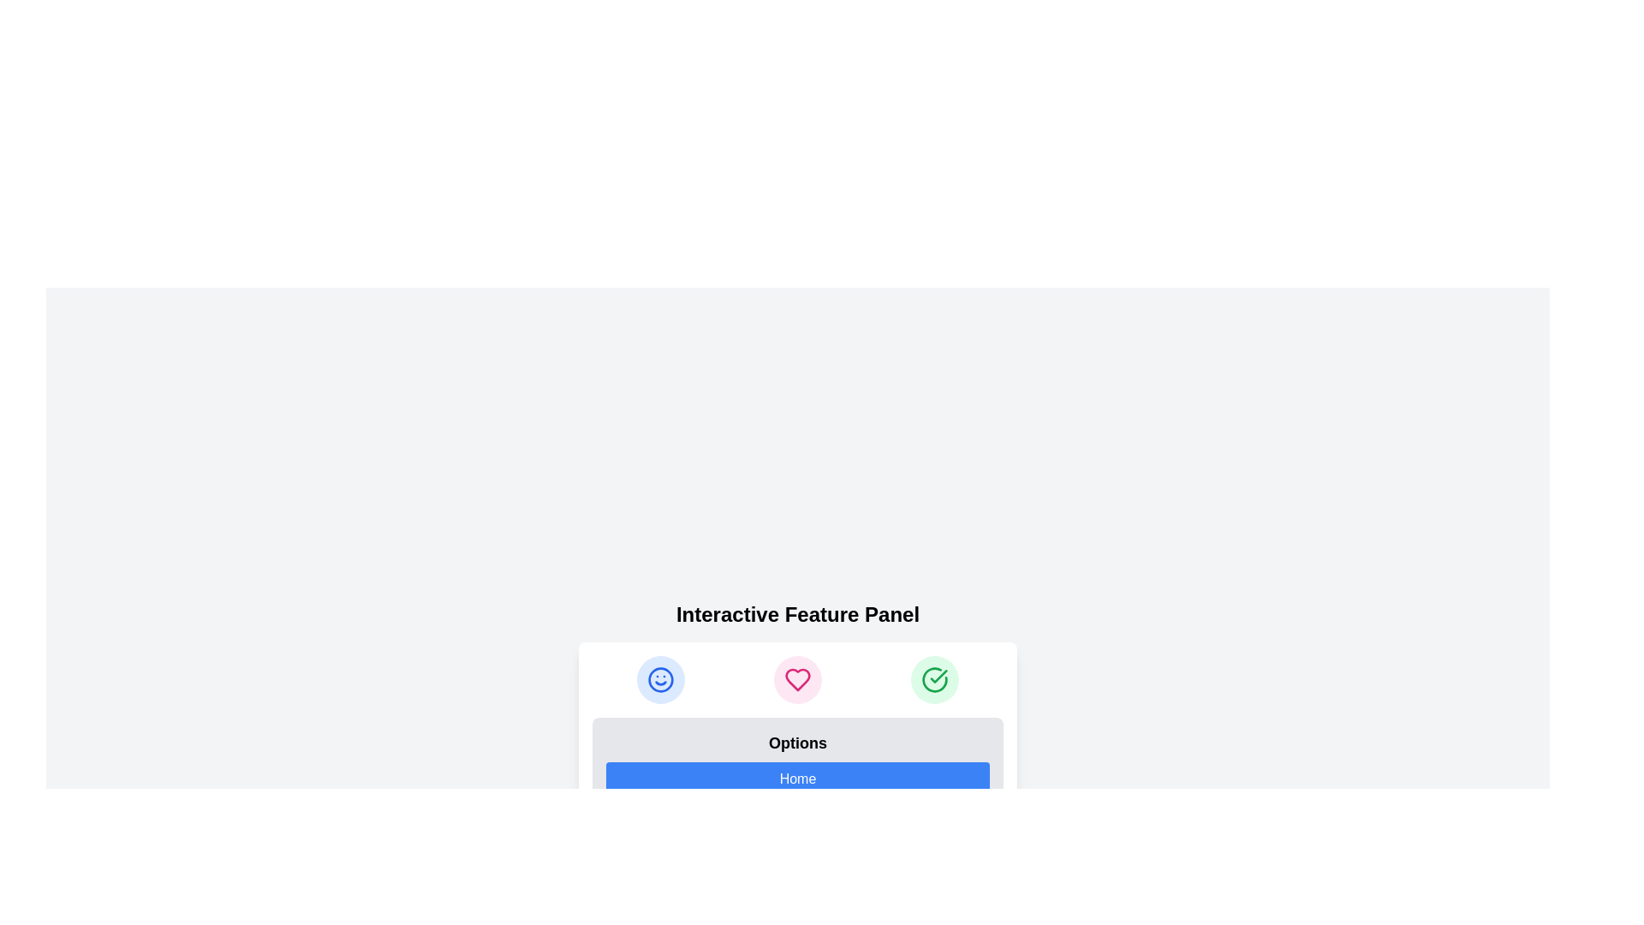 The width and height of the screenshot is (1644, 925). Describe the element at coordinates (796, 679) in the screenshot. I see `the 'favorites' icon located between a smiley face icon and a checkmark icon in the top section of the panel` at that location.